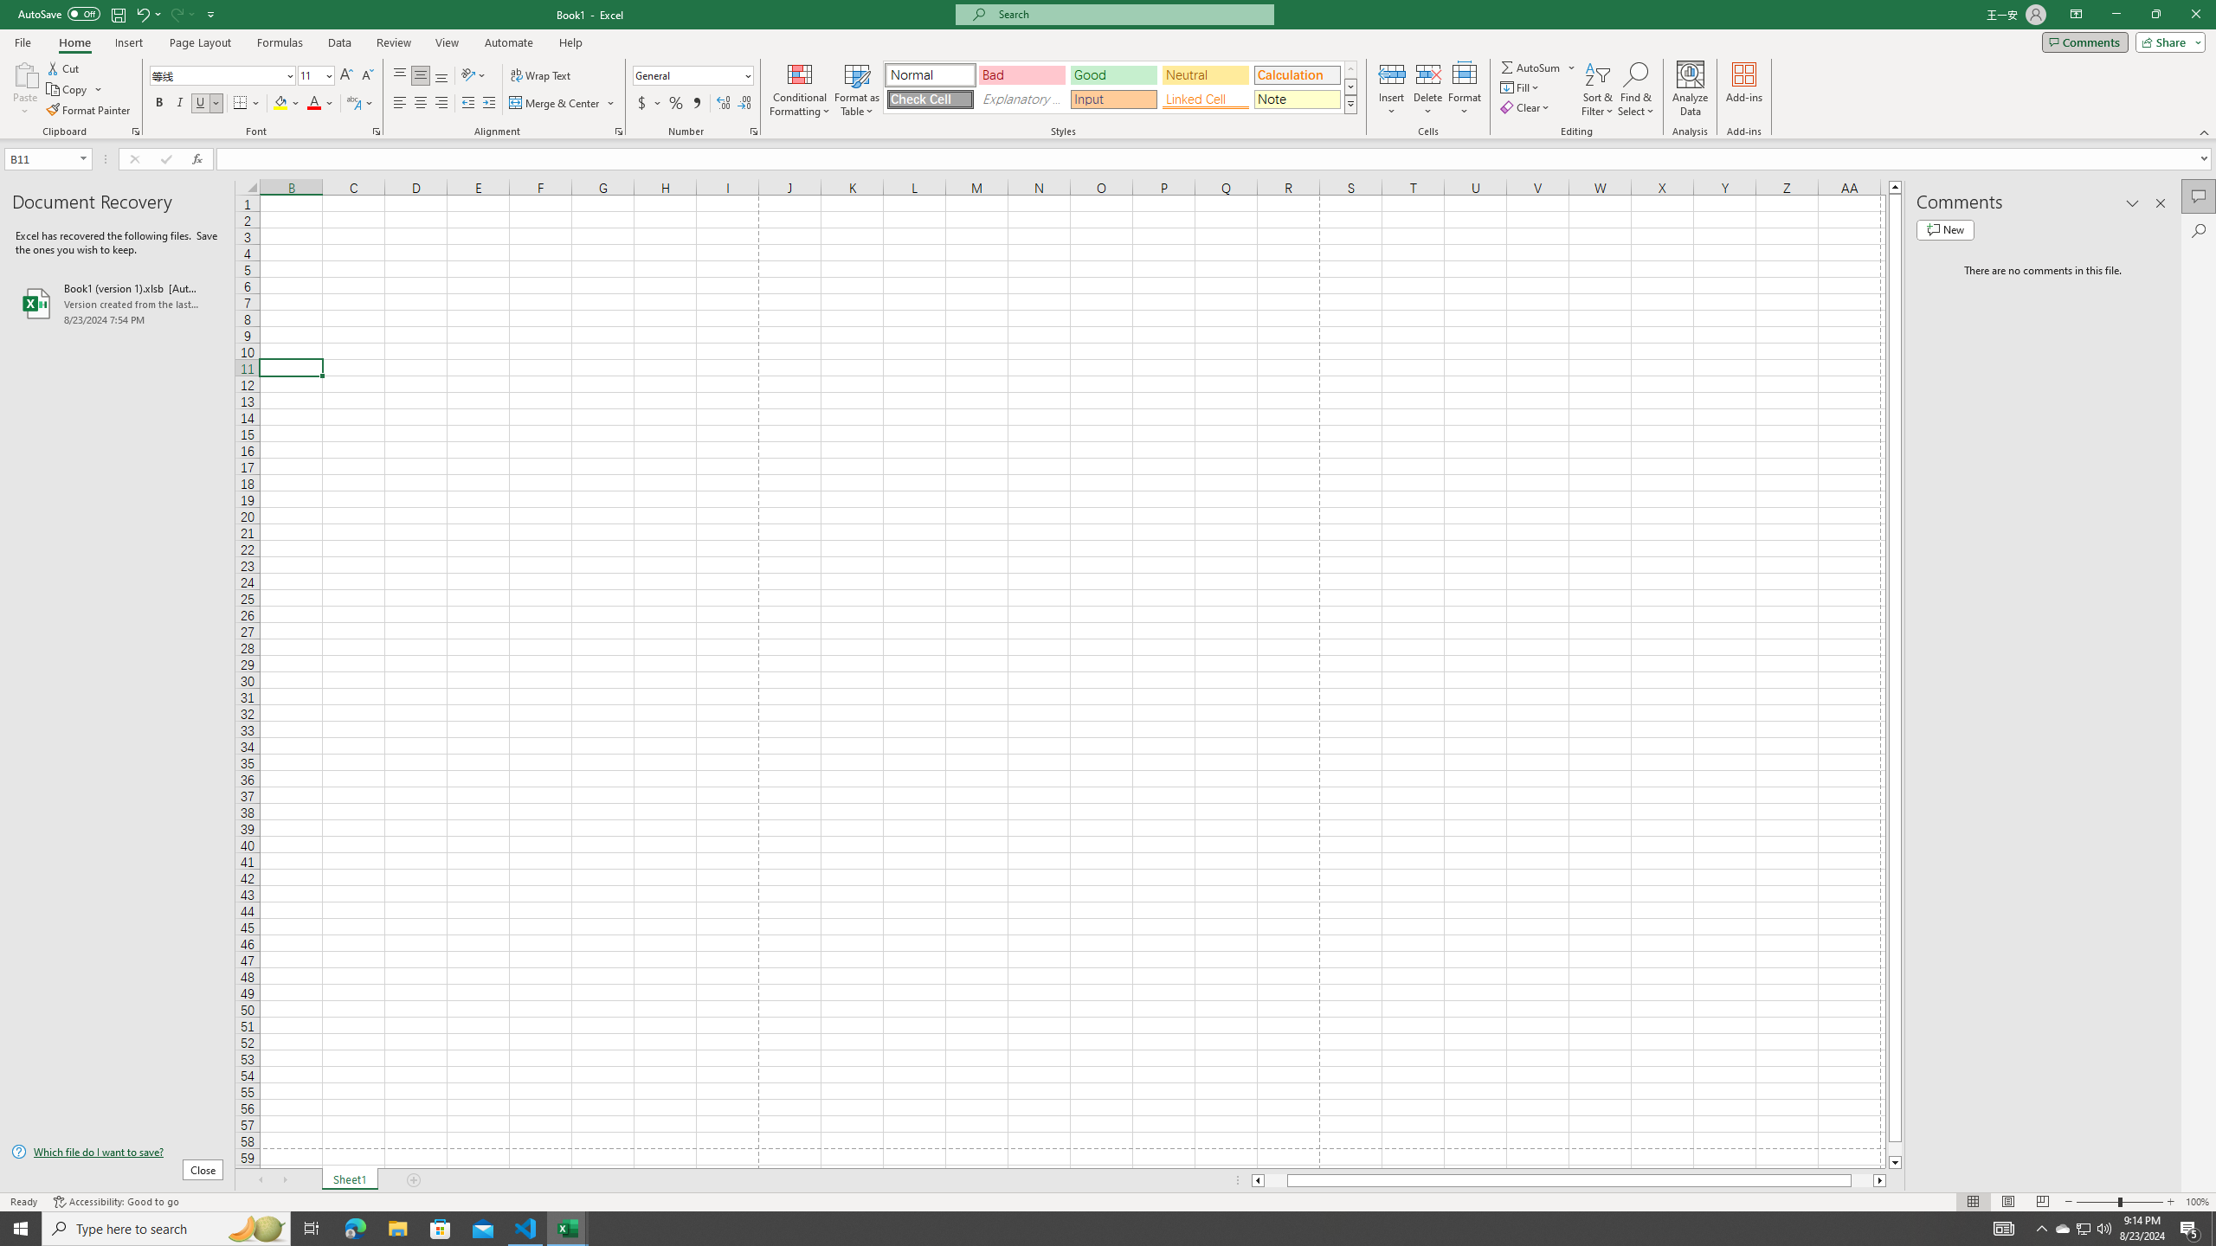  I want to click on 'Align Left', so click(399, 102).